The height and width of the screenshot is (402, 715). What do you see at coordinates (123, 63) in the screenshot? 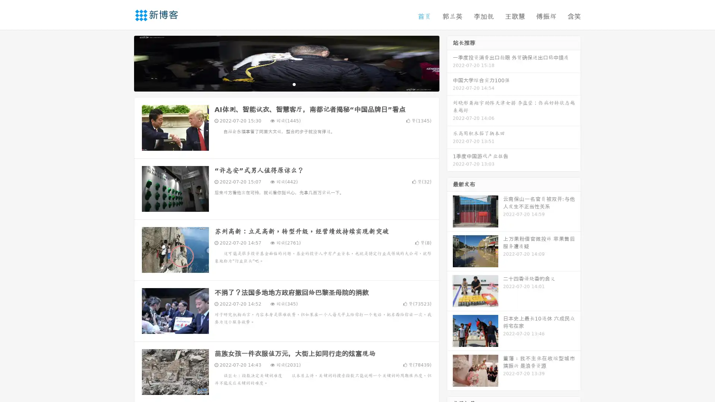
I see `Previous slide` at bounding box center [123, 63].